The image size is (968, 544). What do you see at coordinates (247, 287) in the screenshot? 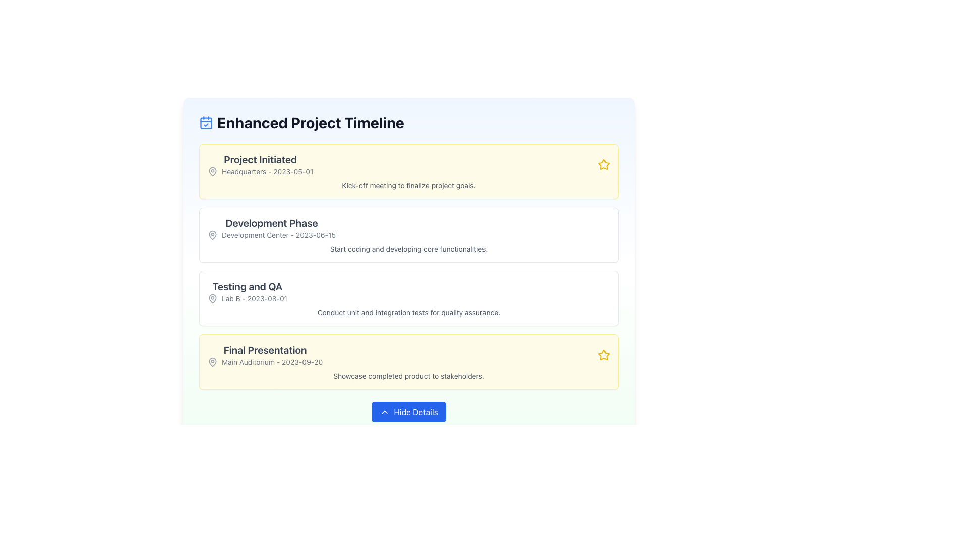
I see `the text label element that serves as a section header for the project timeline, positioned above 'Lab B - 2023-08-01'` at bounding box center [247, 287].